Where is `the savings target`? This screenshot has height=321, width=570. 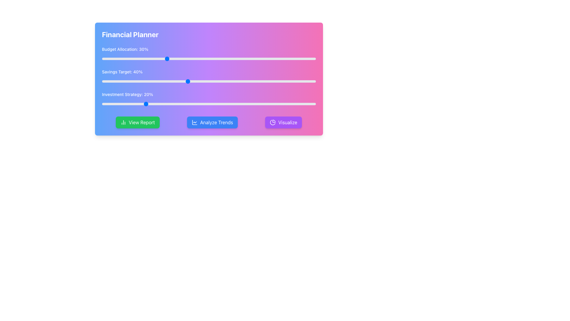 the savings target is located at coordinates (236, 81).